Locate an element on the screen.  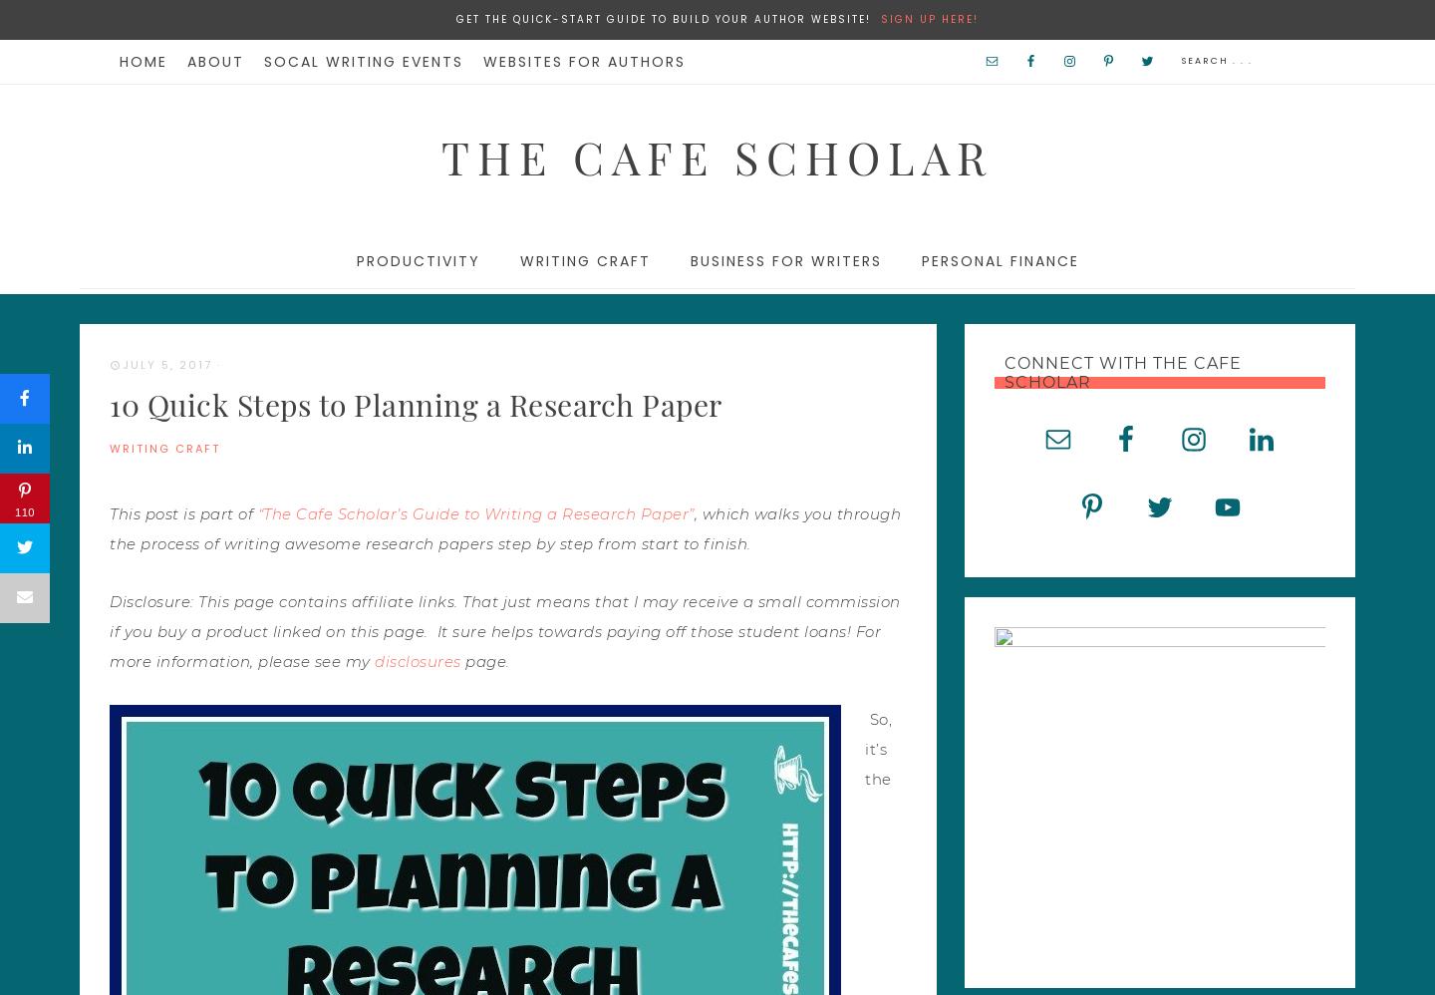
'The Cafe Scholar' is located at coordinates (440, 155).